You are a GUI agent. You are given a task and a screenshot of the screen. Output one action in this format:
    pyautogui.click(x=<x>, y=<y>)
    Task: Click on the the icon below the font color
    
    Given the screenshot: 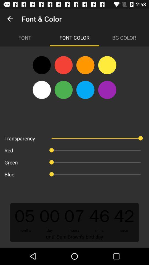 What is the action you would take?
    pyautogui.click(x=107, y=65)
    